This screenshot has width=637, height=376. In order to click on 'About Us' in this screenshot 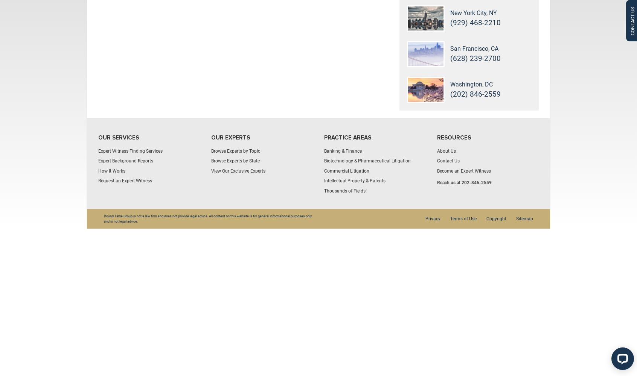, I will do `click(446, 151)`.